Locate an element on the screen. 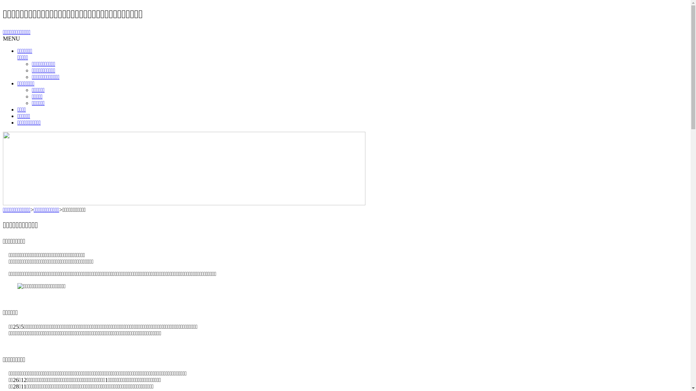  'MENU' is located at coordinates (11, 38).